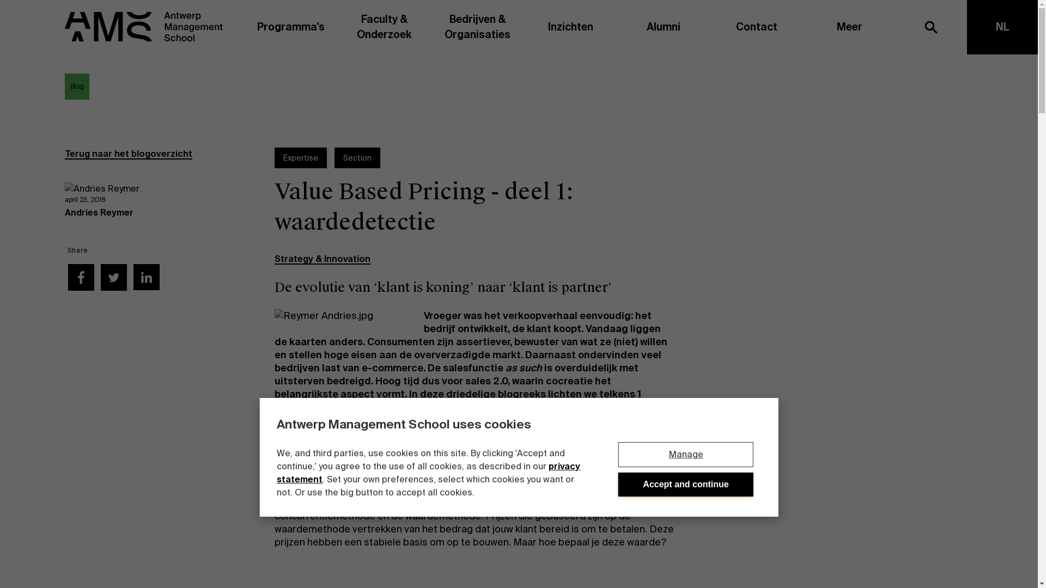  What do you see at coordinates (477, 27) in the screenshot?
I see `'Bedrijven & Organisaties'` at bounding box center [477, 27].